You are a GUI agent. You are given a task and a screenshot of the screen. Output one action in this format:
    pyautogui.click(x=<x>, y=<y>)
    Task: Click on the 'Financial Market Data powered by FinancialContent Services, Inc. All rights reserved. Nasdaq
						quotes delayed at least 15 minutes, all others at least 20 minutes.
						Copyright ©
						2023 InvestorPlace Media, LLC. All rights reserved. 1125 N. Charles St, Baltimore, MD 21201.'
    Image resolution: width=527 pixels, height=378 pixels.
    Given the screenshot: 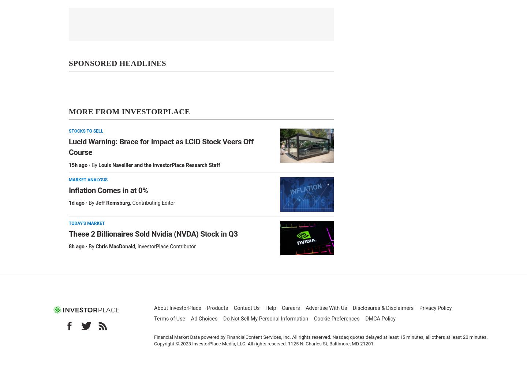 What is the action you would take?
    pyautogui.click(x=320, y=340)
    